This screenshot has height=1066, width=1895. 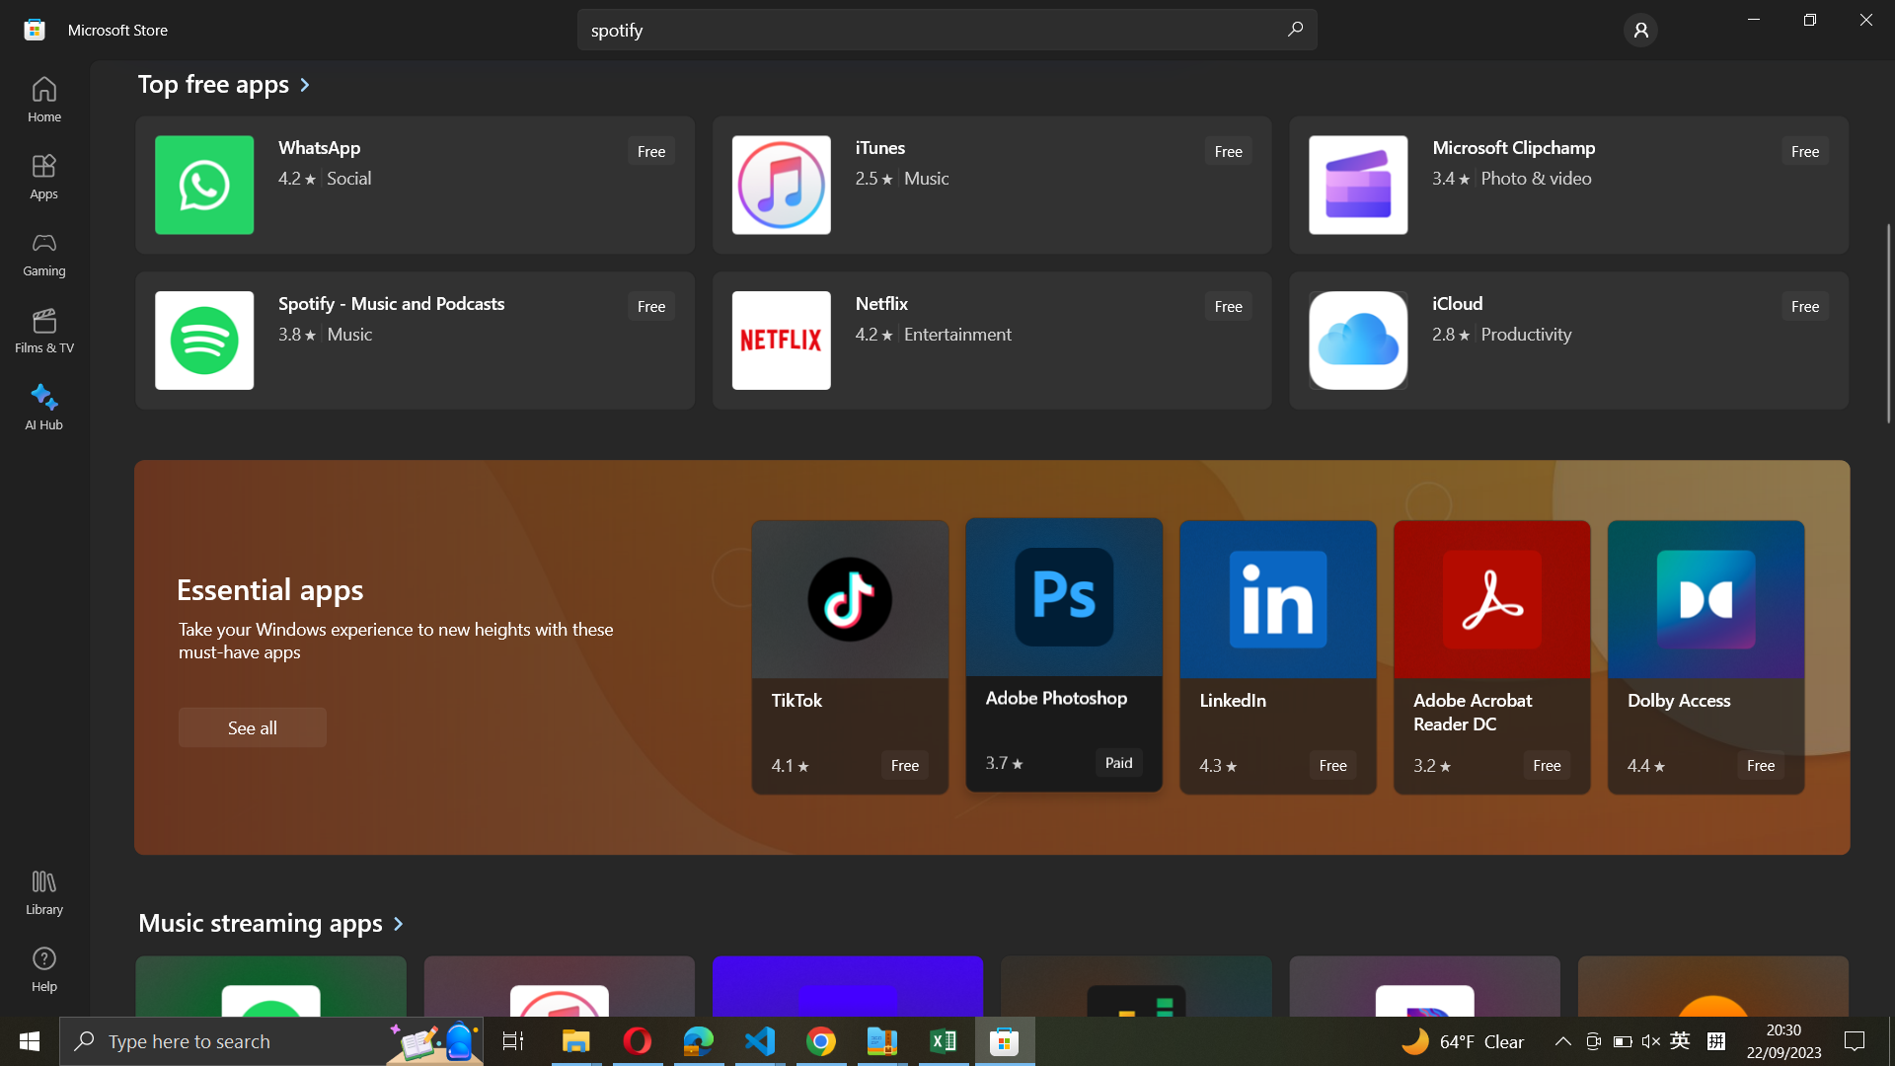 What do you see at coordinates (1278, 658) in the screenshot?
I see `LinkedIn on the system` at bounding box center [1278, 658].